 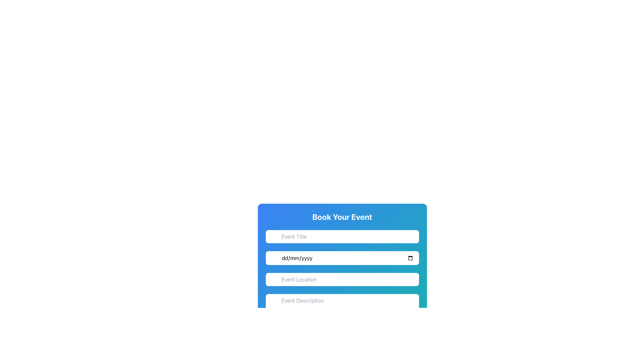 I want to click on the text input field labeled 'Event Location', so click(x=342, y=283).